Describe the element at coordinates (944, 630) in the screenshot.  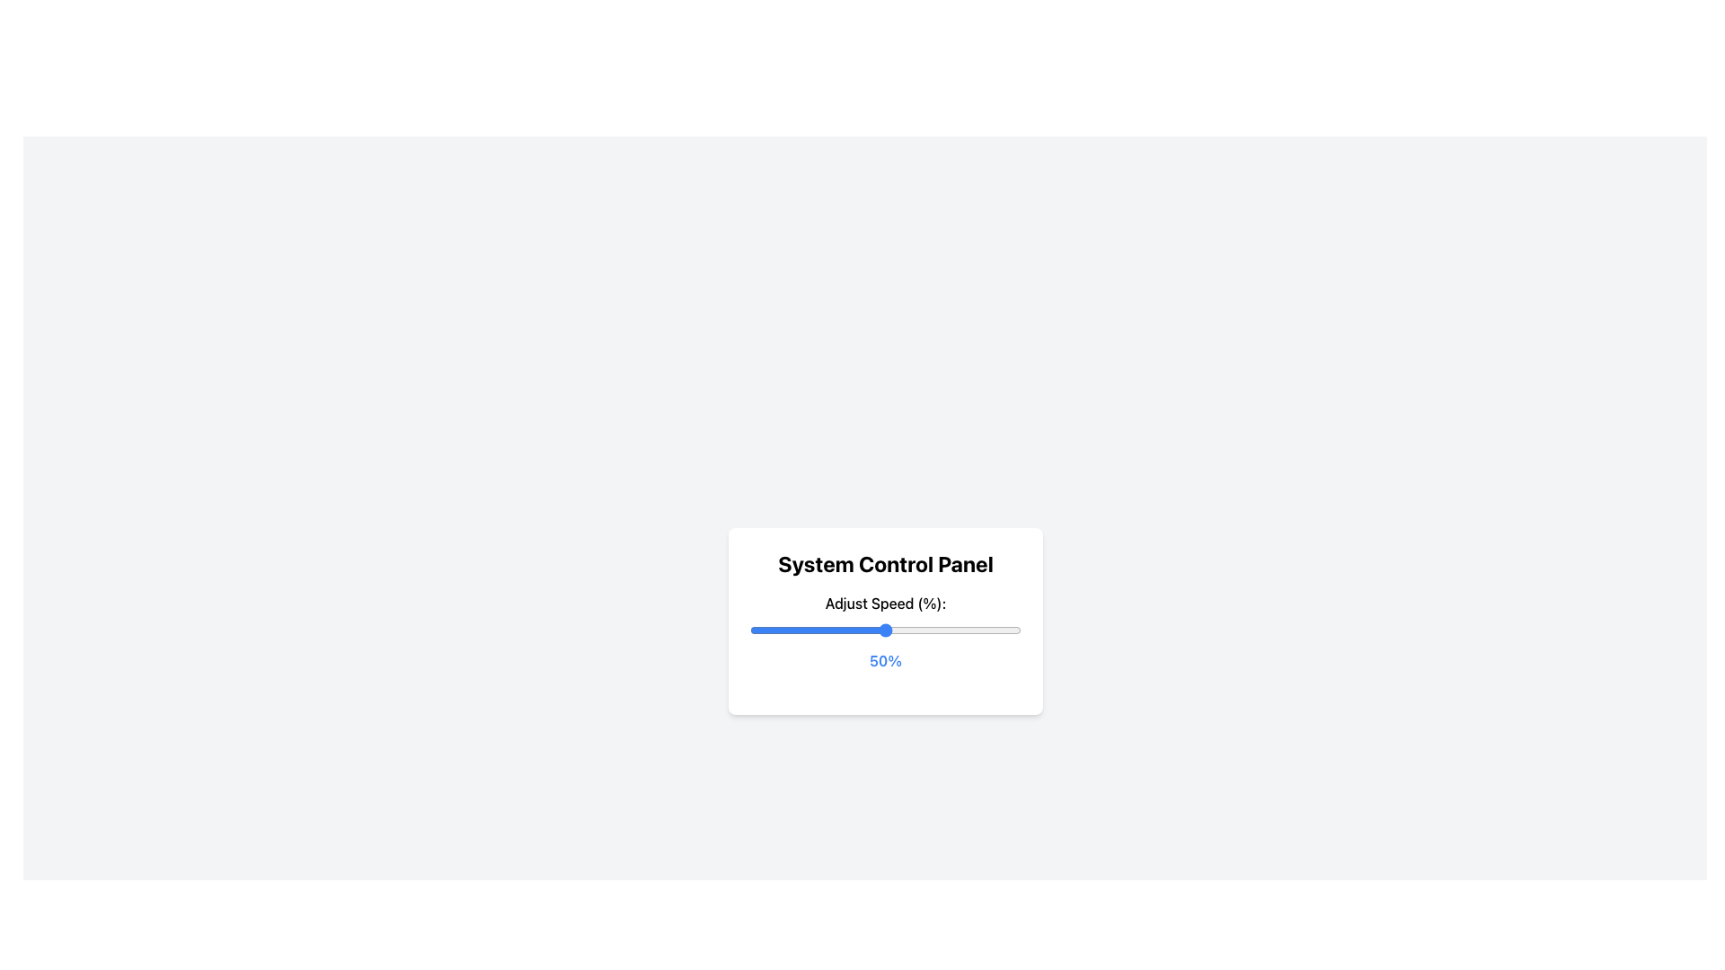
I see `the slider value` at that location.